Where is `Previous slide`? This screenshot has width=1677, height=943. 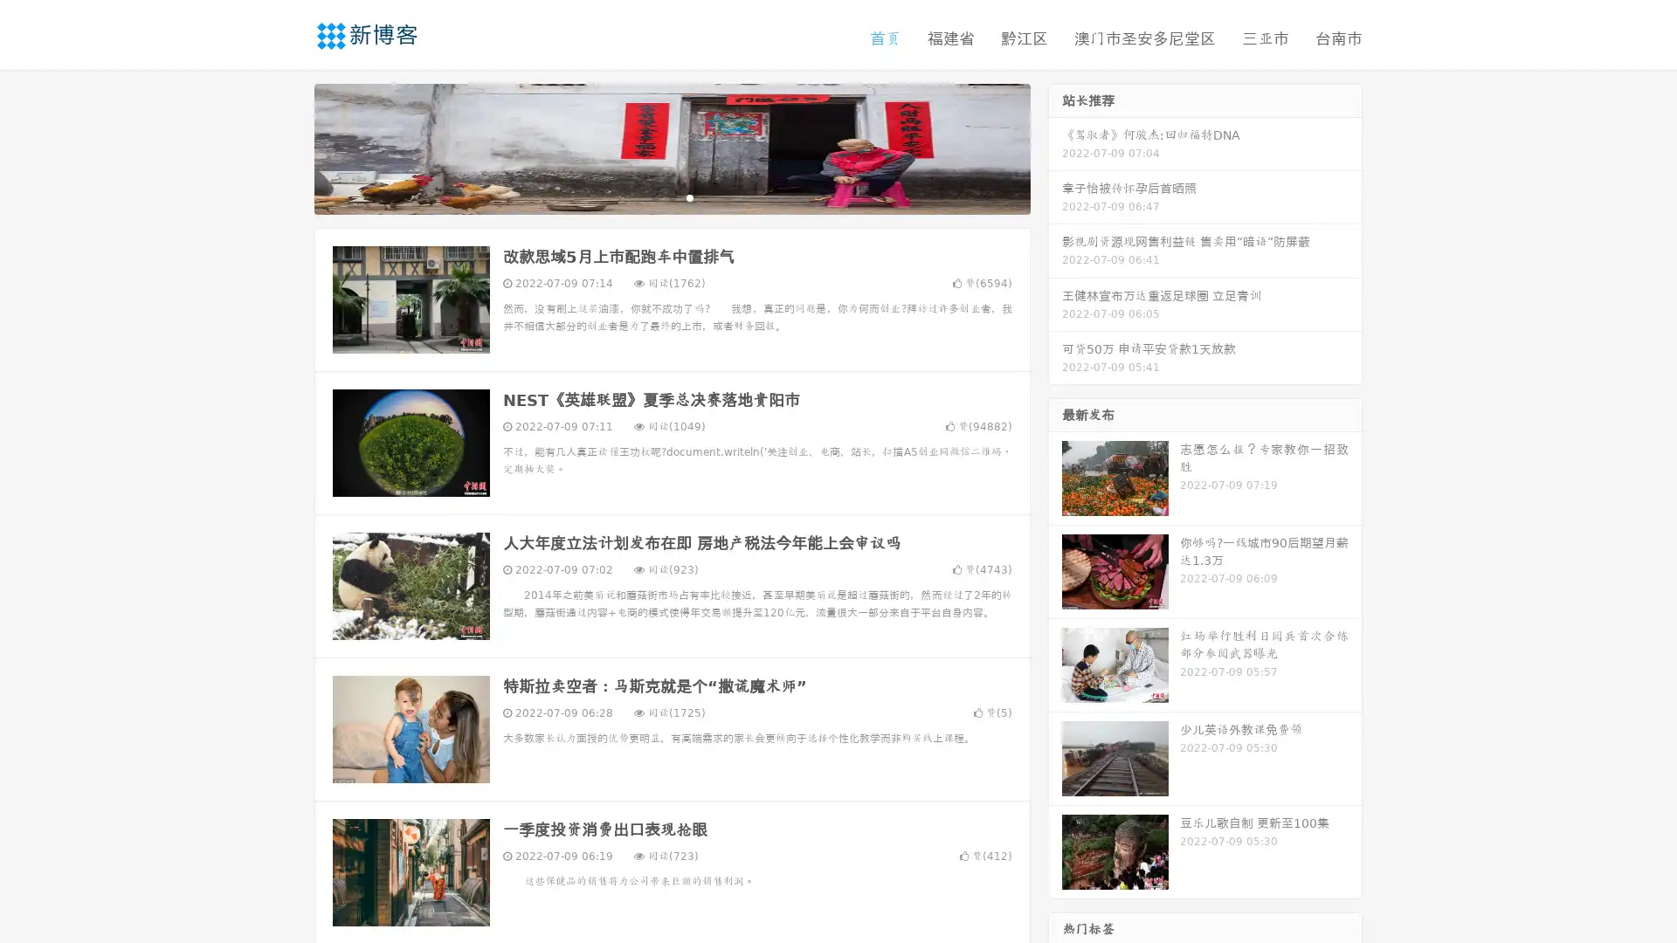 Previous slide is located at coordinates (288, 147).